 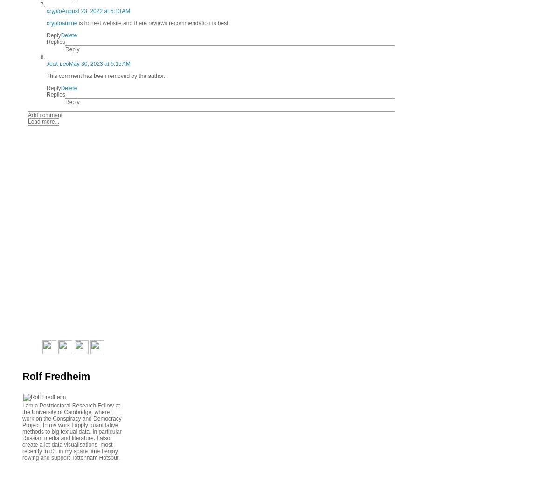 What do you see at coordinates (71, 431) in the screenshot?
I see `'I am a Postdoctoral Research Fellow at the University of Cambridge, where I work on the Conspiracy and Democracy Project. In my work I apply quantitative methods to big textual data, in particular Russian media and literature. I also create a lot data visualisations, most recently in d3. in my spare time I enjoy rowing and support Tottenham Hotspur.'` at bounding box center [71, 431].